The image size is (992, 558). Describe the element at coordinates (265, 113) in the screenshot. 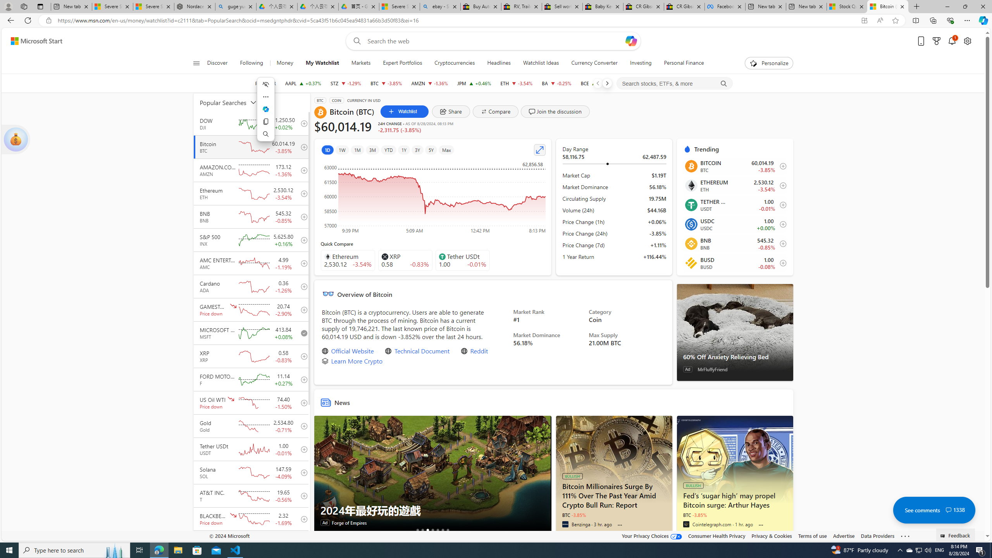

I see `'Mini menu on text selection'` at that location.